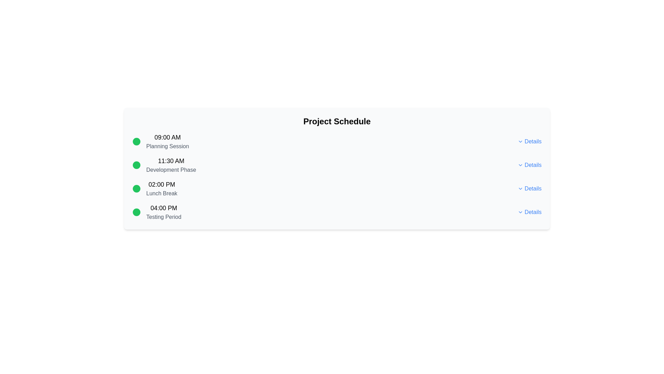 The image size is (664, 374). What do you see at coordinates (136, 212) in the screenshot?
I see `the fourth green circular graphical indicator marking the '04:00 PM Testing Period' in the project schedule` at bounding box center [136, 212].